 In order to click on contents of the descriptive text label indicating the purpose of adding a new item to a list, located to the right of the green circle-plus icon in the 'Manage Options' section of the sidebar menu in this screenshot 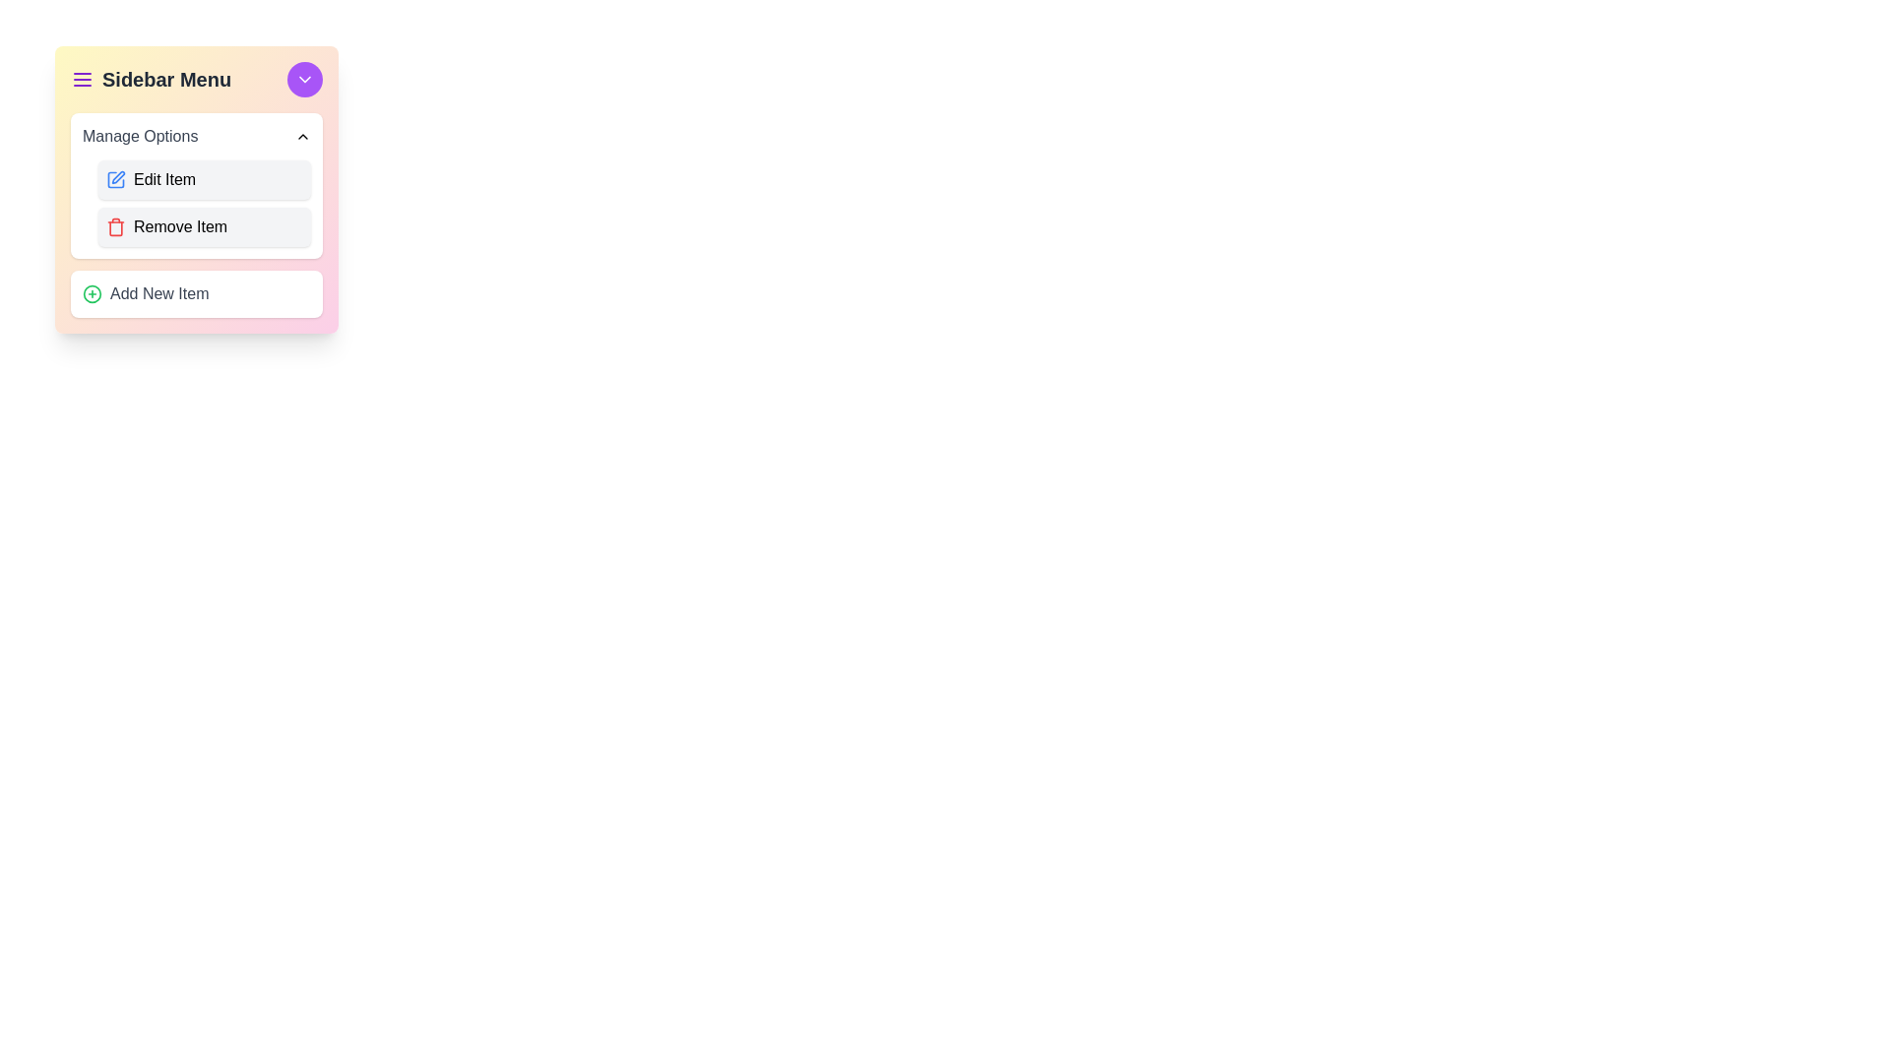, I will do `click(159, 294)`.